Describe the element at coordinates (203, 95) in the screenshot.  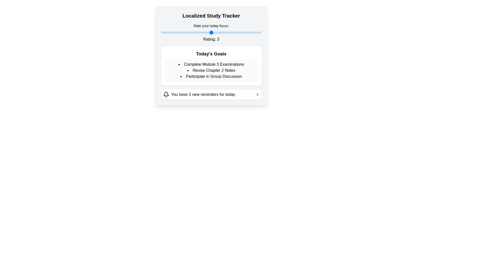
I see `the notification message Text Label located centrally within a white box at the bottom of the main card, positioned between the bell icon and the chevron icon` at that location.